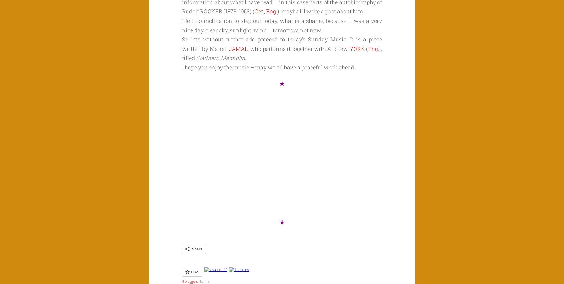  Describe the element at coordinates (282, 43) in the screenshot. I see `'So let’s without further ado proceed to today’s Sunday Music. It is a piece written by Maneli'` at that location.